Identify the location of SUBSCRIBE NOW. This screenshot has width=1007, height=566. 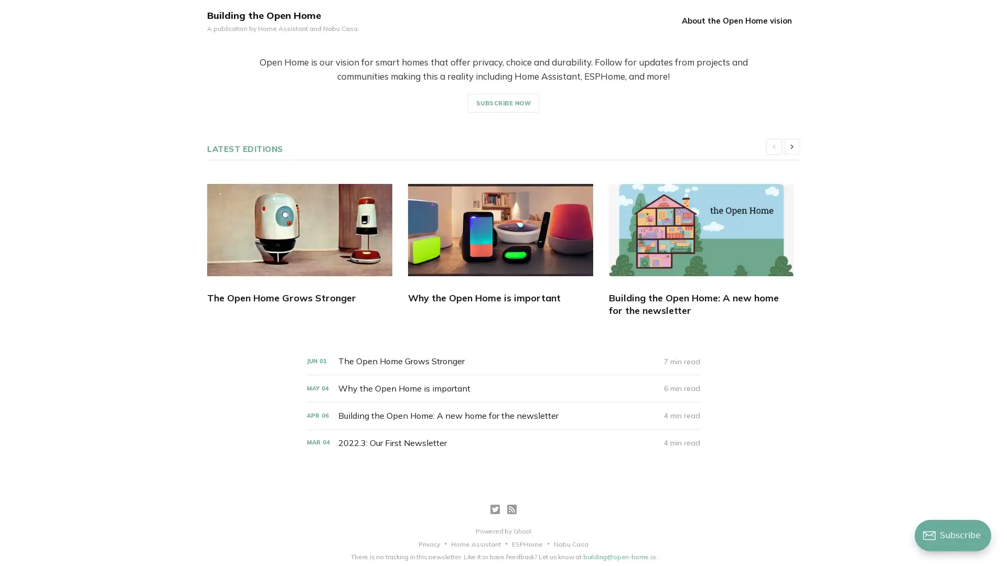
(502, 103).